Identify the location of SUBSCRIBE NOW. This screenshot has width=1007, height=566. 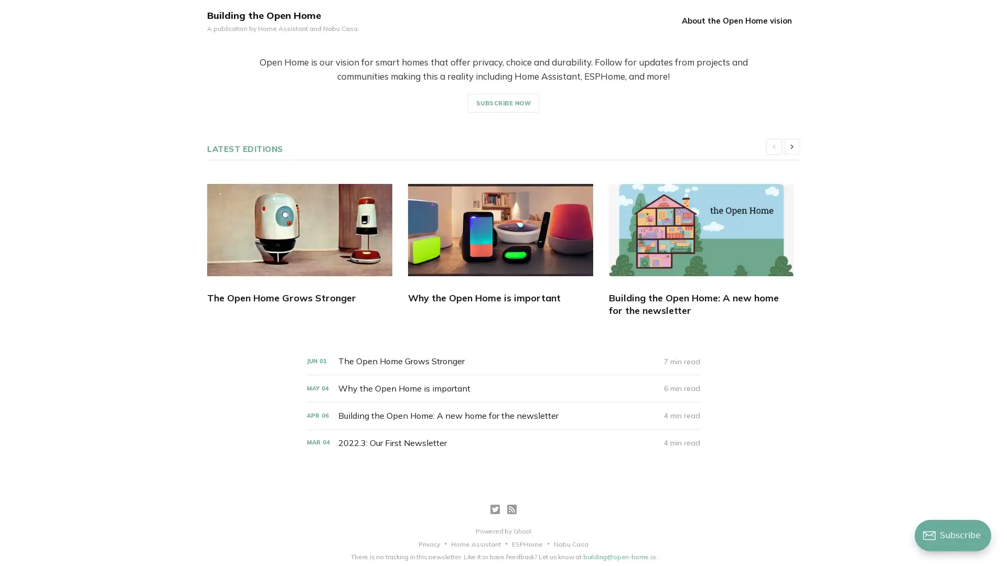
(502, 103).